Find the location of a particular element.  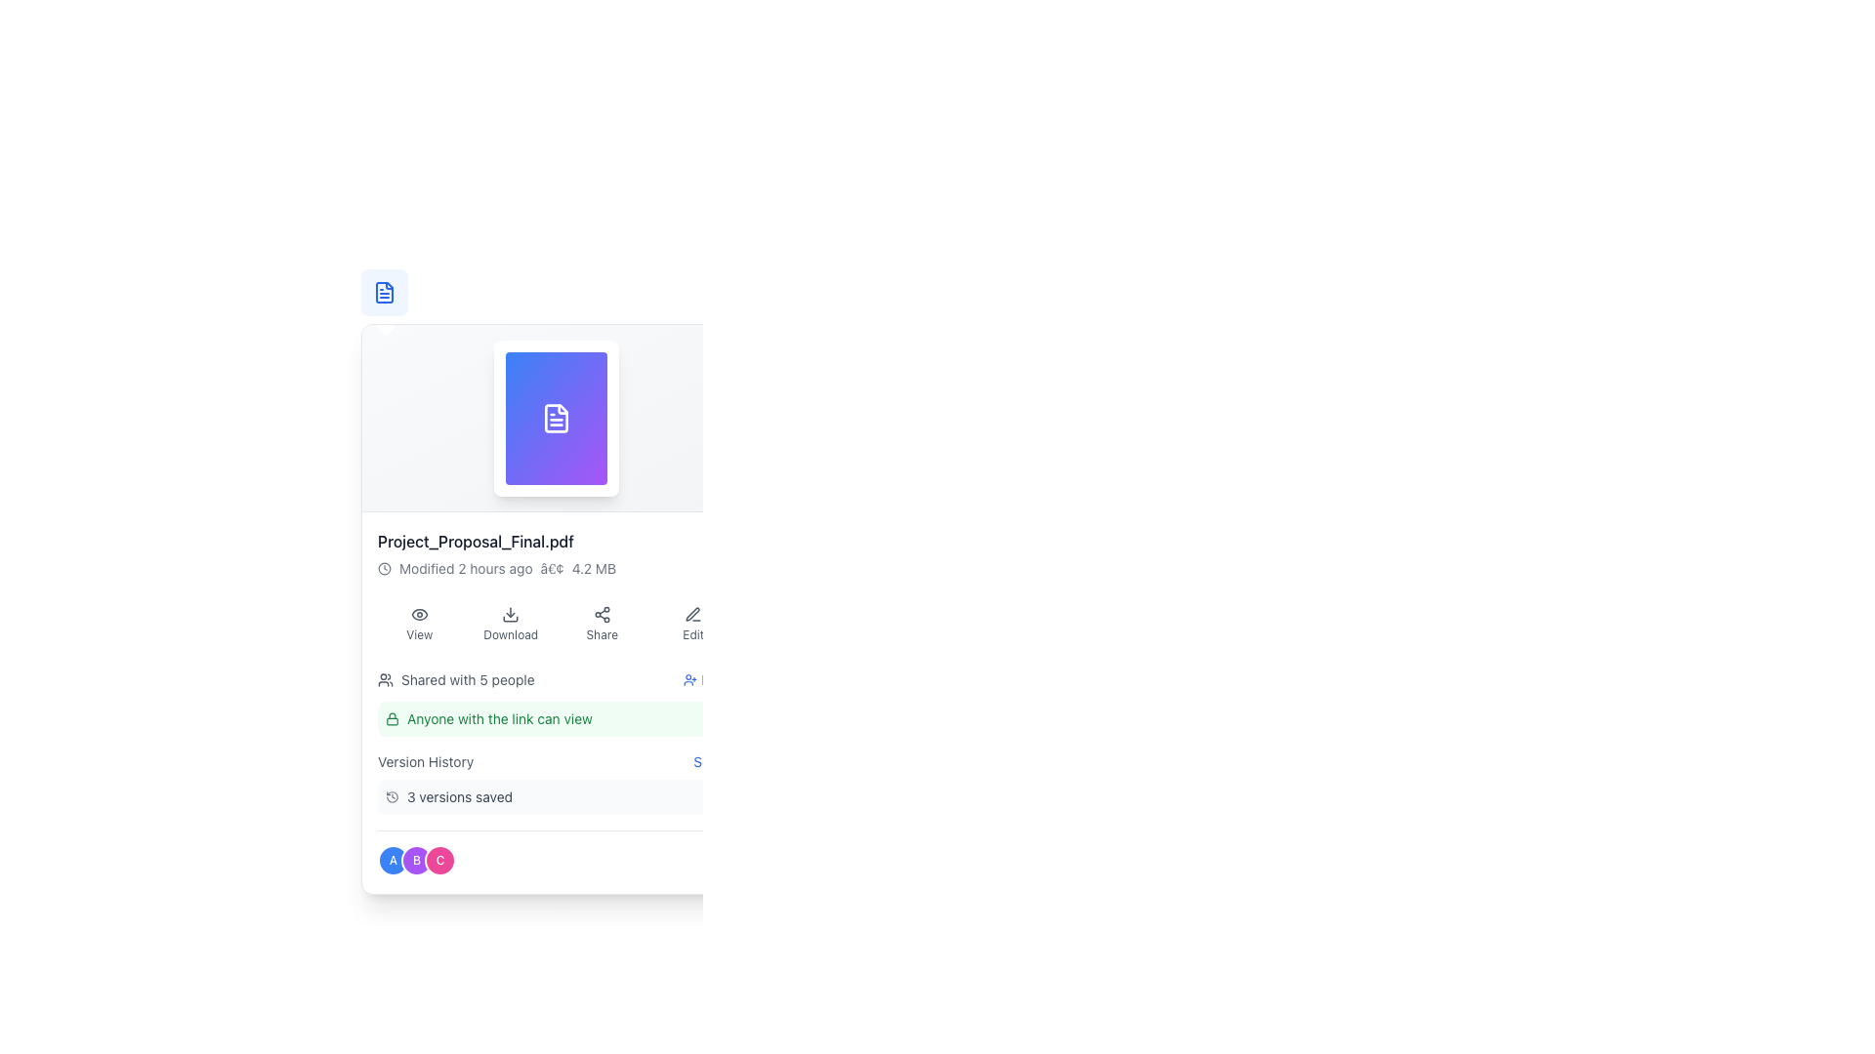

the share button, which is the third element in a grid of four options located near the bottom of the document details view, positioned between the 'Download' button and the 'Edit' button is located at coordinates (601, 625).